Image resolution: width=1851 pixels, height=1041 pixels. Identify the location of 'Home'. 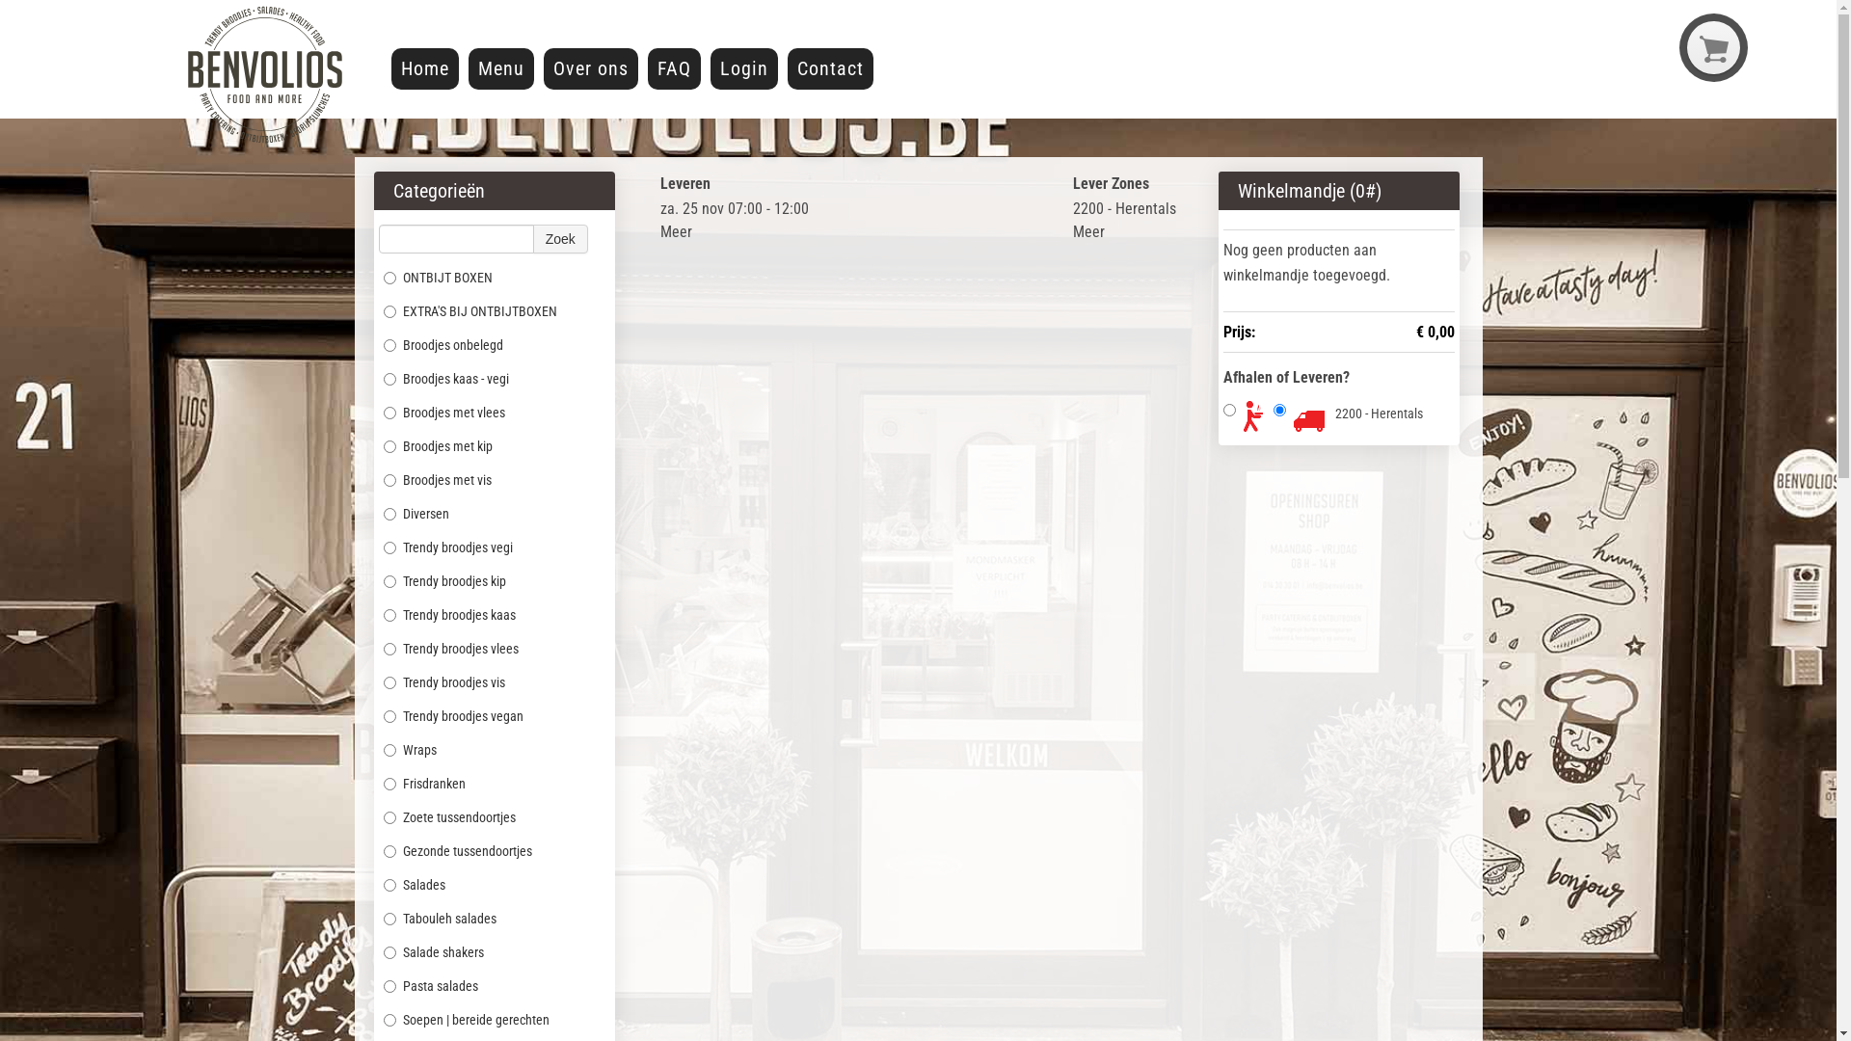
(390, 67).